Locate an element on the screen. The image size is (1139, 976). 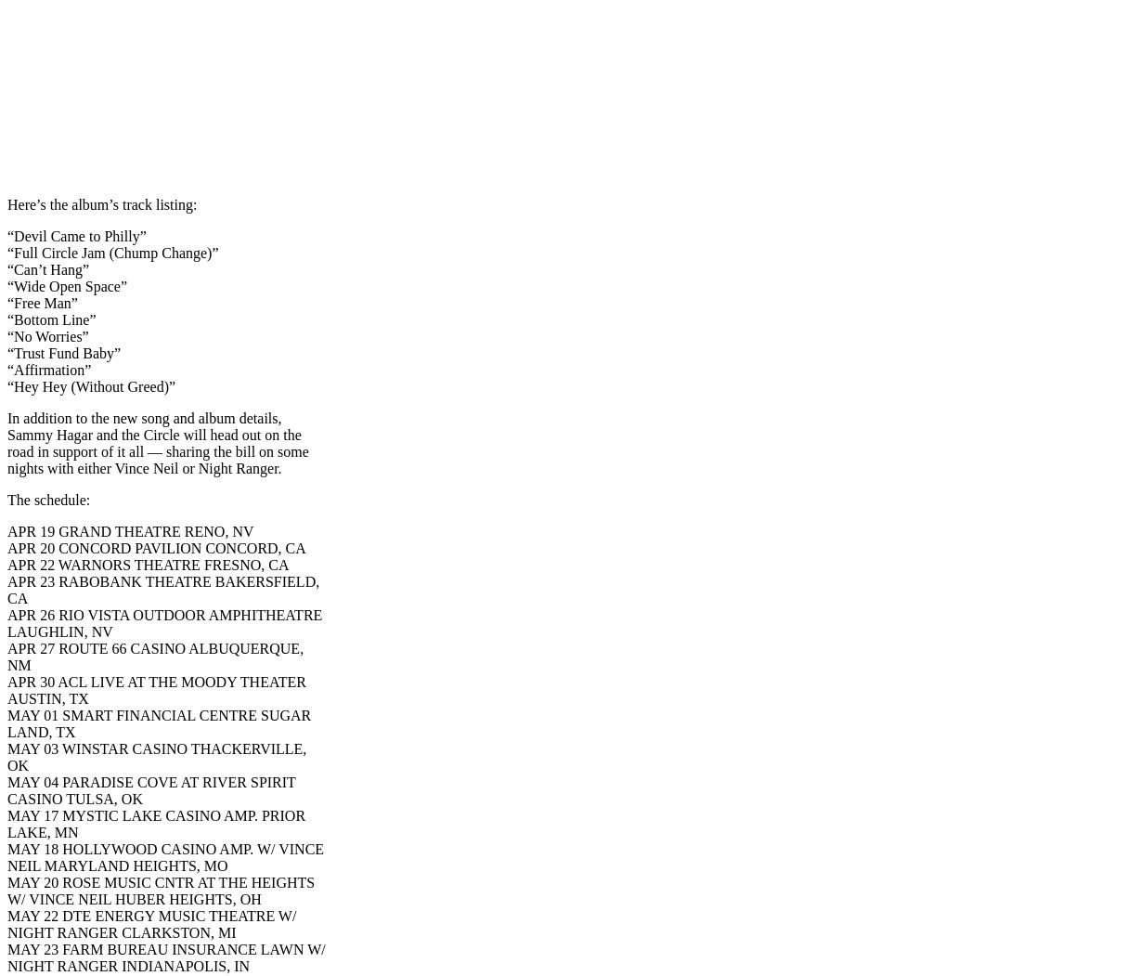
'APR 23 RABOBANK THEATRE BAKERSFIELD, CA' is located at coordinates (6, 589).